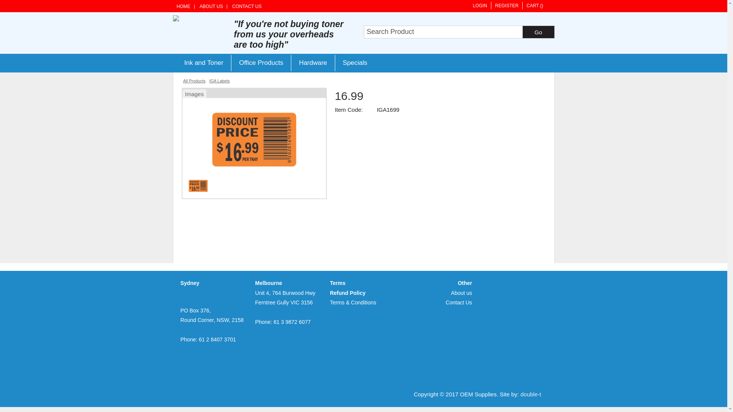  I want to click on 'HOME', so click(176, 6).